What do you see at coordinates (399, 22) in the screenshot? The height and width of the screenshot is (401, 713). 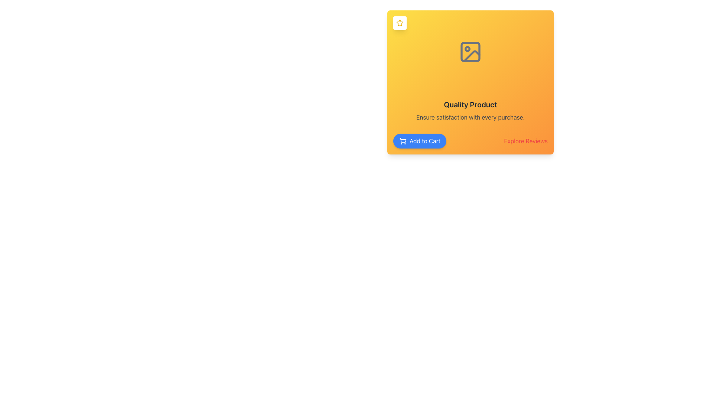 I see `the yellow star-shaped icon located at the top-left corner of the primary card, positioned above the title and image` at bounding box center [399, 22].